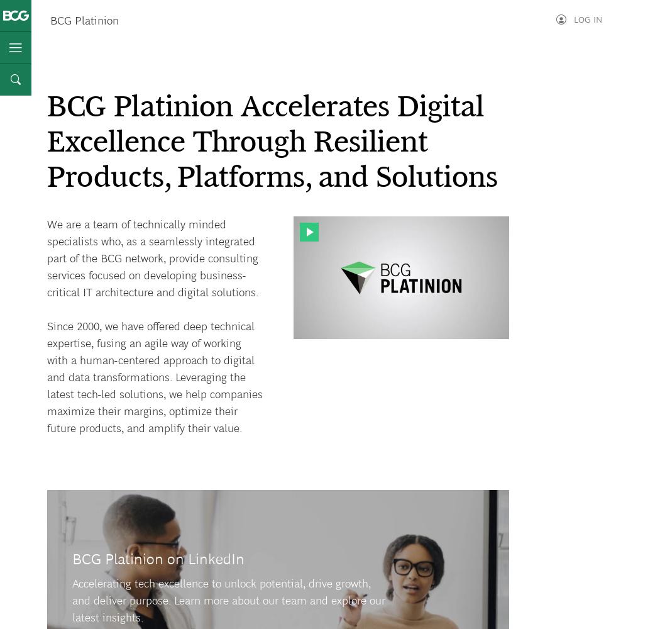  Describe the element at coordinates (272, 140) in the screenshot. I see `'BCG Platinion Accelerates Digital Excellence Through Resilient Products, Platforms, and Solutions'` at that location.